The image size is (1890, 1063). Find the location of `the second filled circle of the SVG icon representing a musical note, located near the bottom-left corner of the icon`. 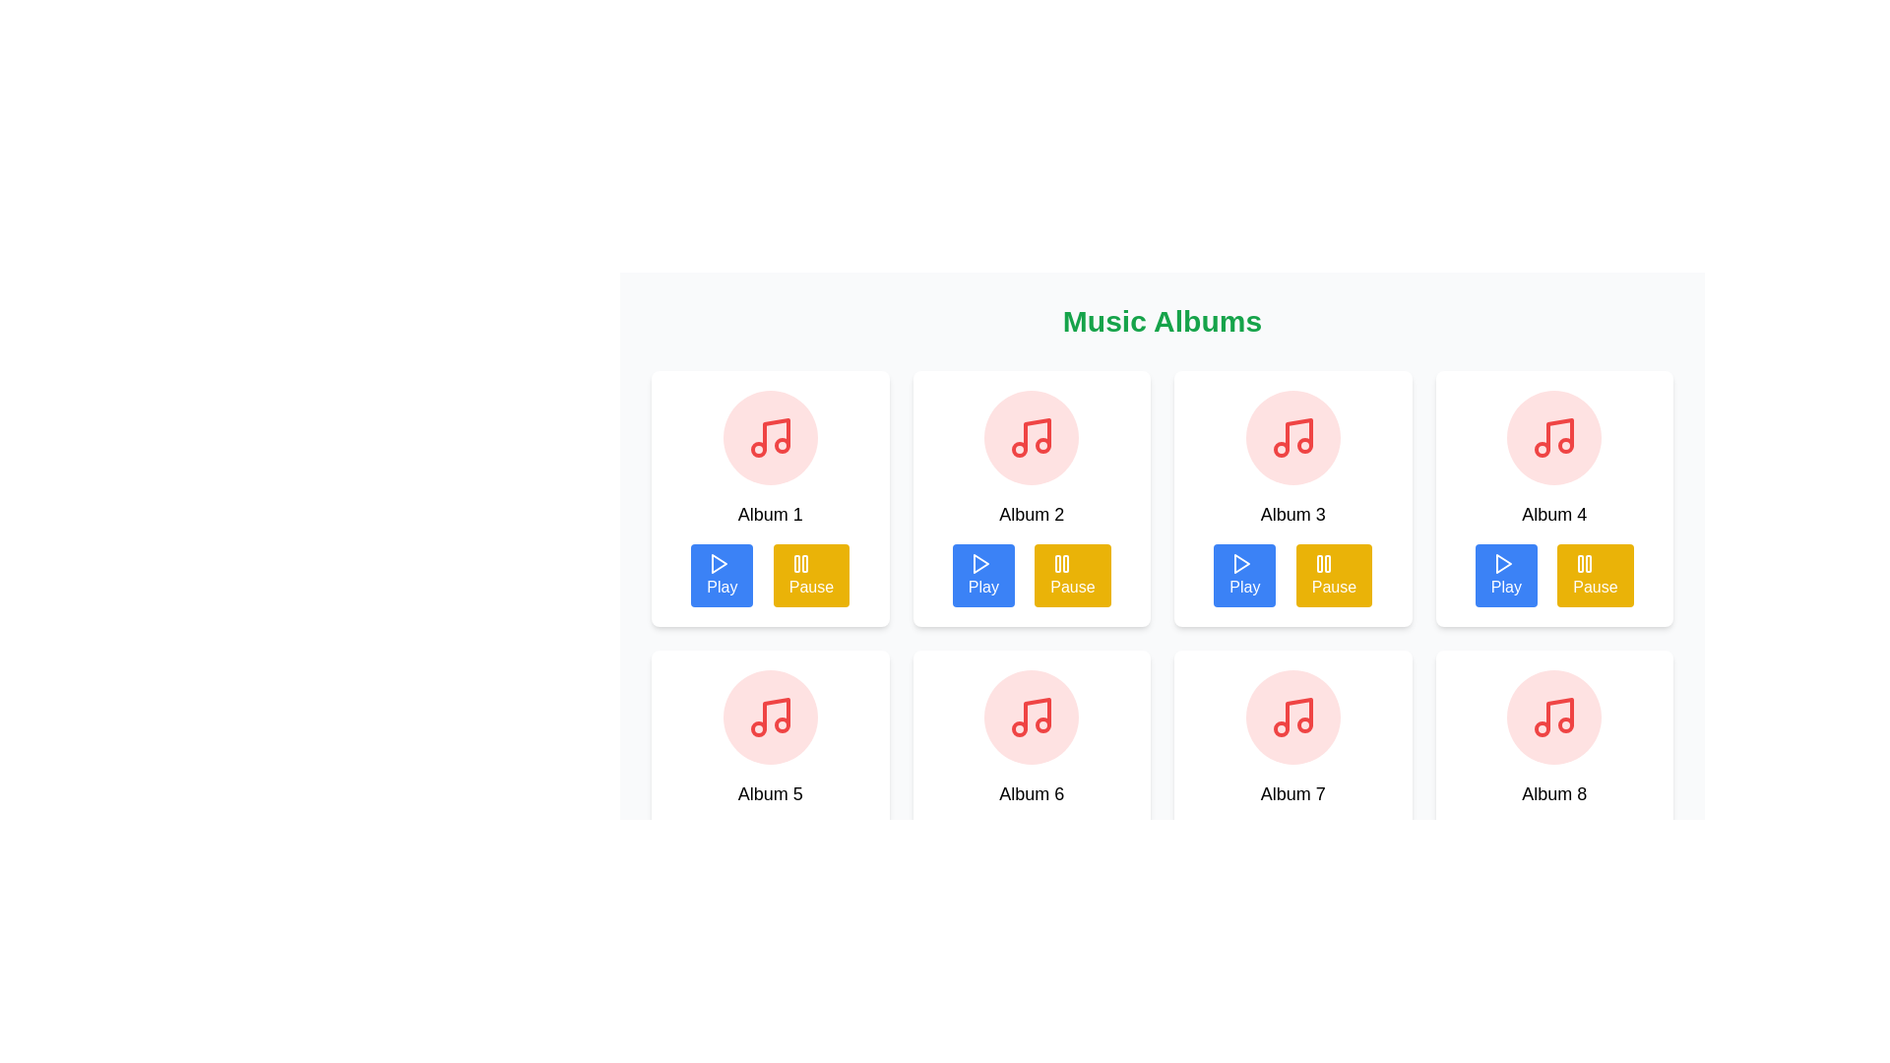

the second filled circle of the SVG icon representing a musical note, located near the bottom-left corner of the icon is located at coordinates (1020, 449).